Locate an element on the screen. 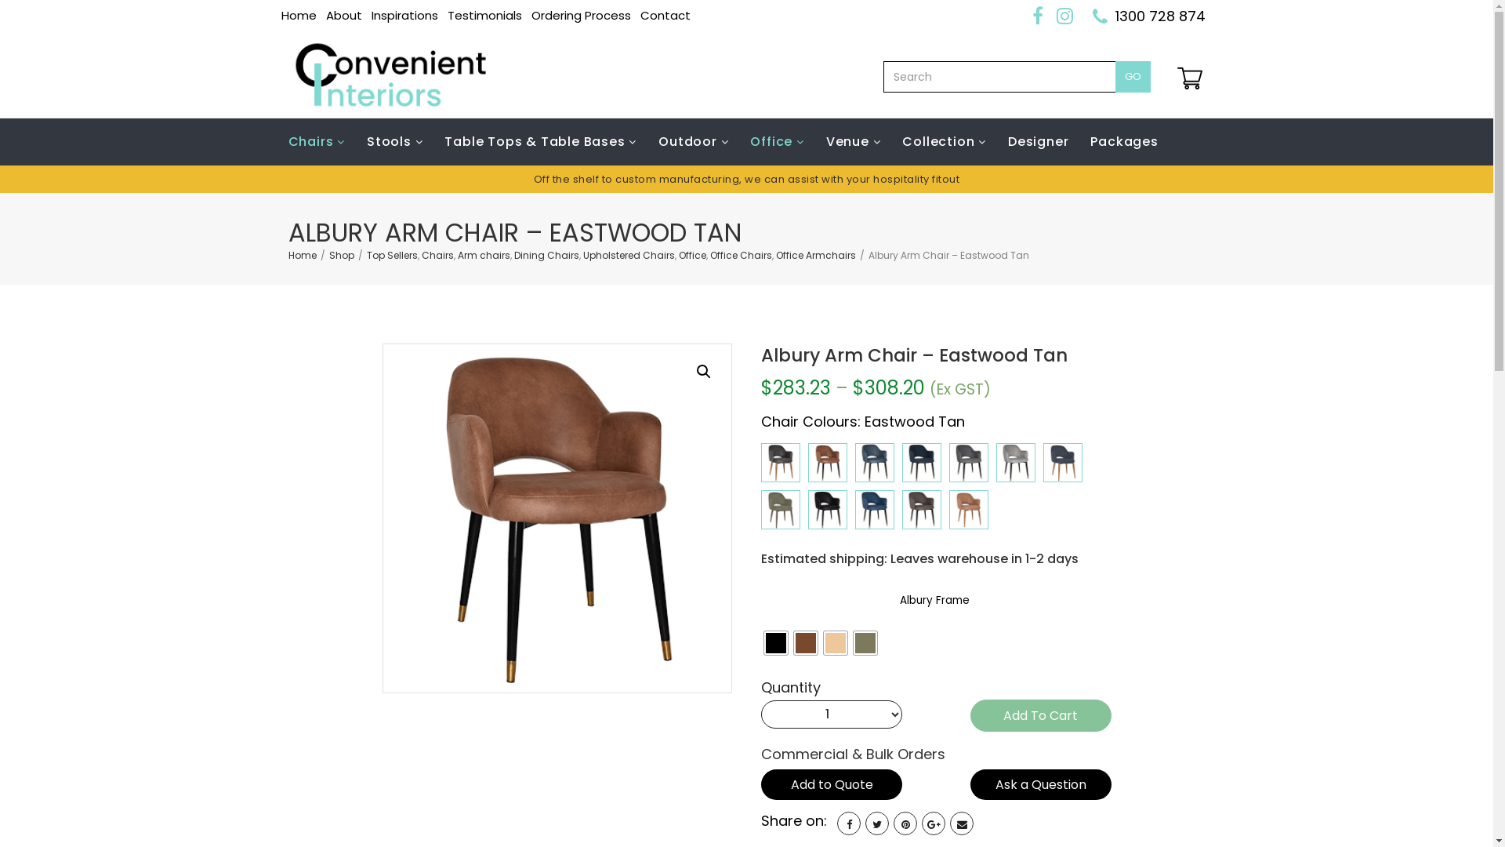  'Submit' is located at coordinates (746, 603).